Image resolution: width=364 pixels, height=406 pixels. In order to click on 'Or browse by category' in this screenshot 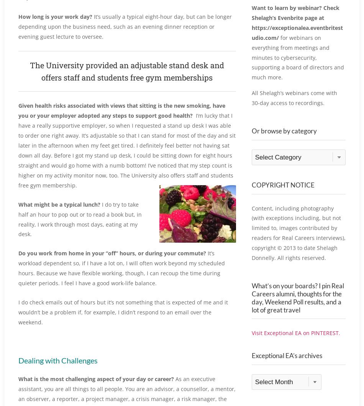, I will do `click(284, 138)`.